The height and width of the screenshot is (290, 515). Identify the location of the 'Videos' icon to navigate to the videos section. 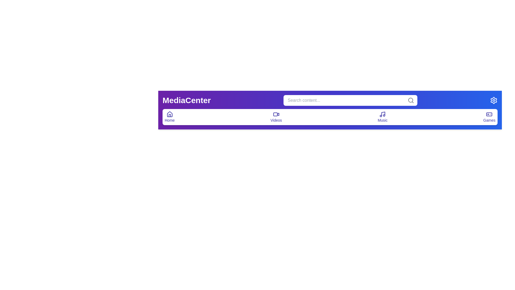
(276, 117).